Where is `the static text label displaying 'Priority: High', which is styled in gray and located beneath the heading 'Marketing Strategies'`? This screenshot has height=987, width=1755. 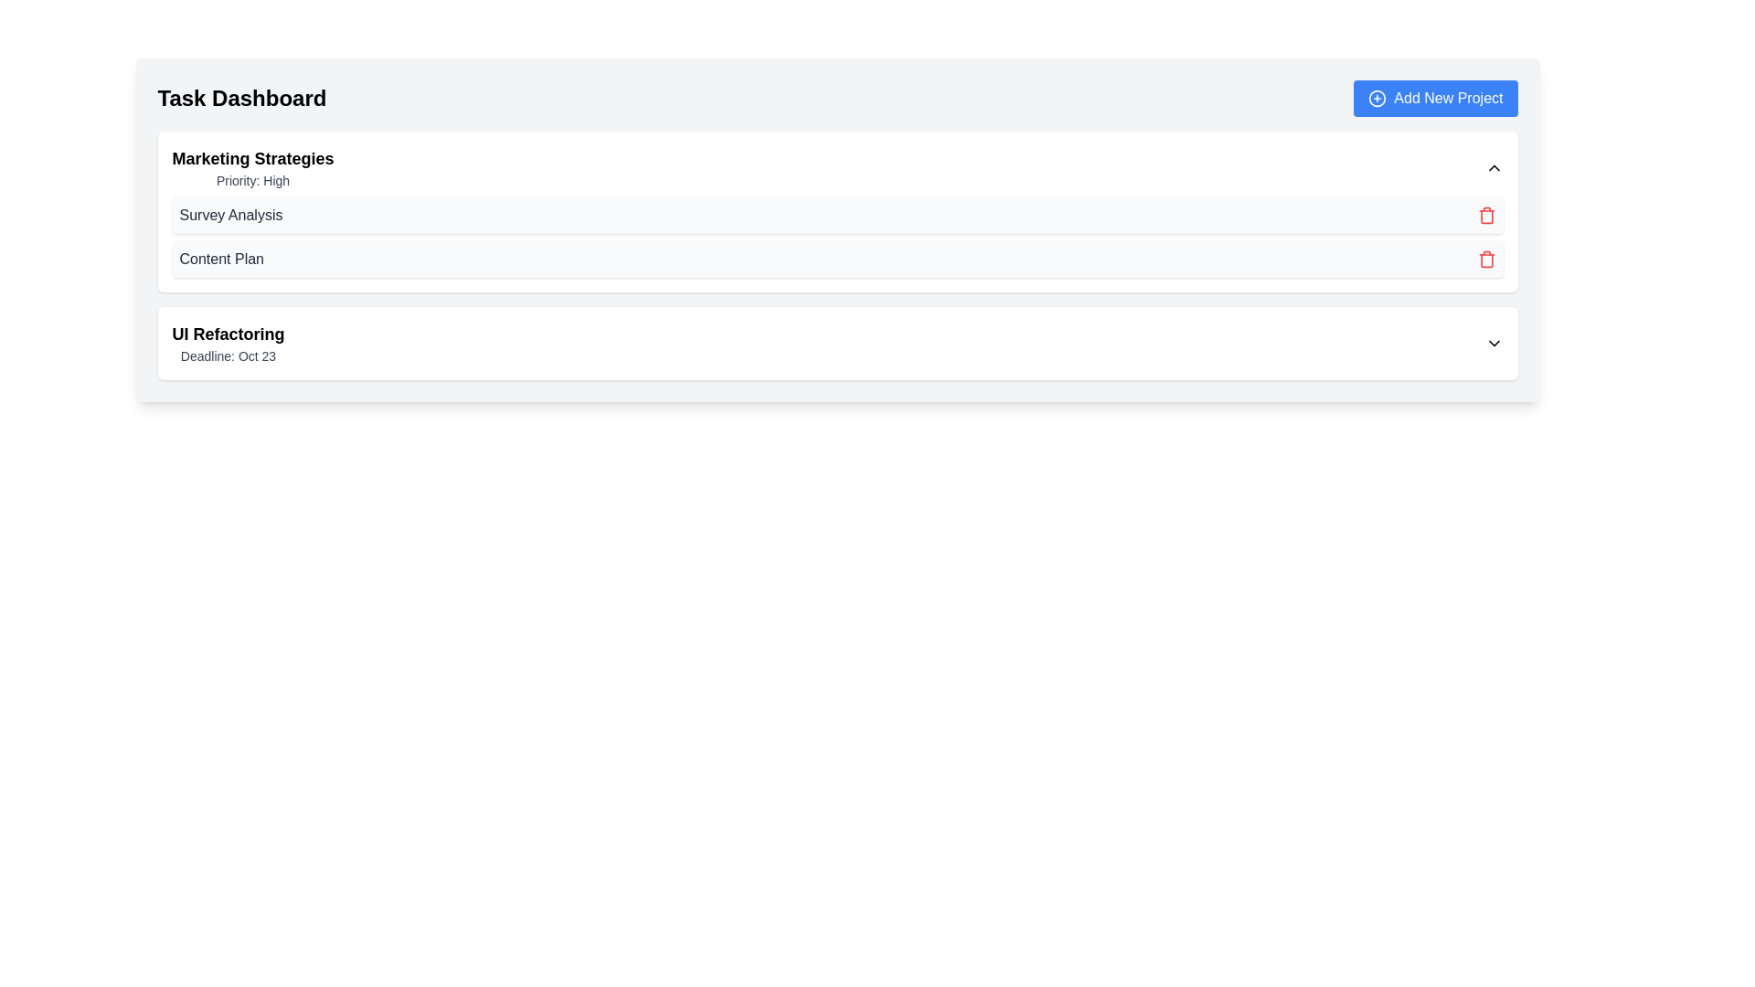 the static text label displaying 'Priority: High', which is styled in gray and located beneath the heading 'Marketing Strategies' is located at coordinates (252, 180).